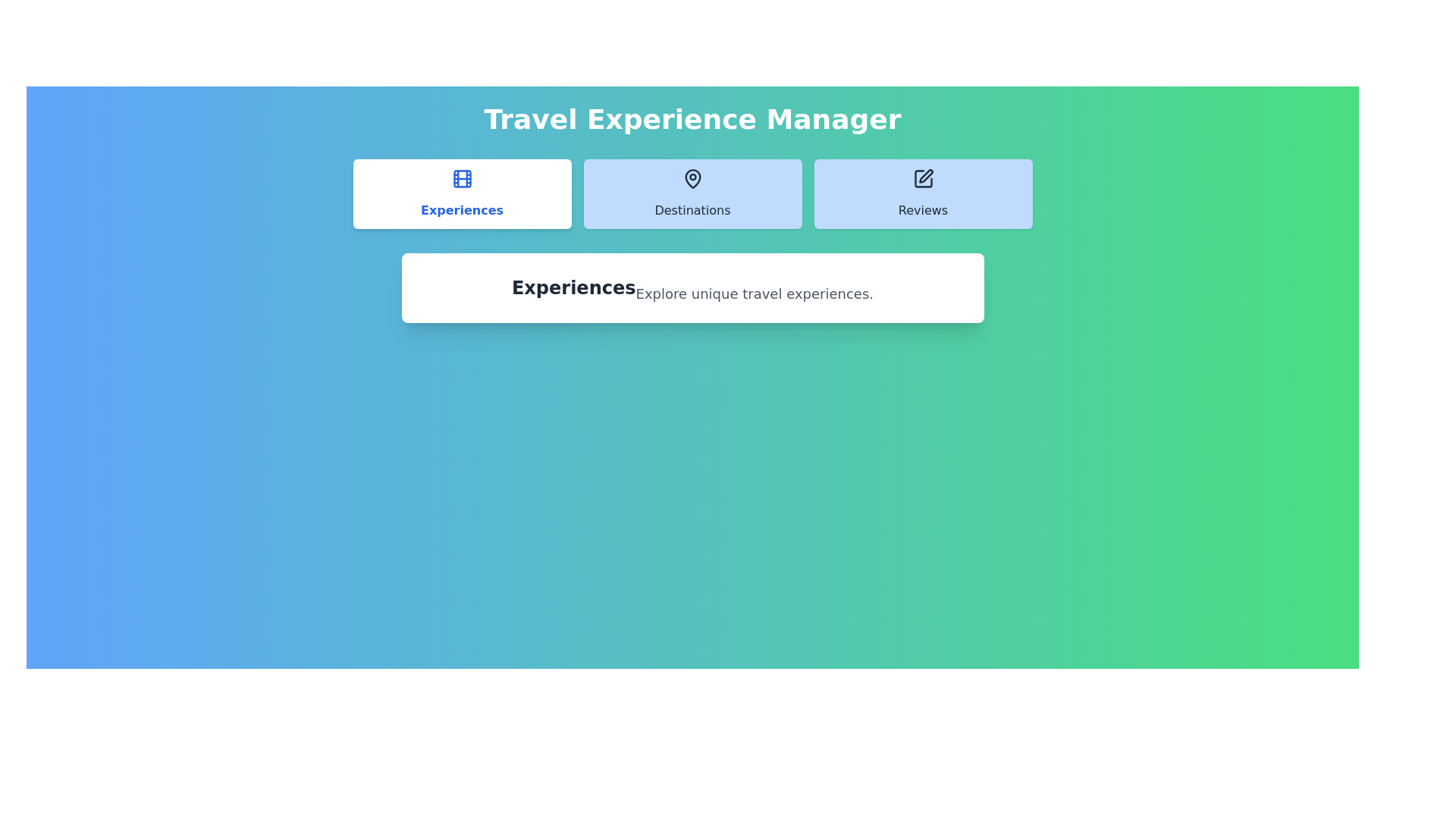 This screenshot has width=1456, height=819. What do you see at coordinates (922, 193) in the screenshot?
I see `the Reviews tab` at bounding box center [922, 193].